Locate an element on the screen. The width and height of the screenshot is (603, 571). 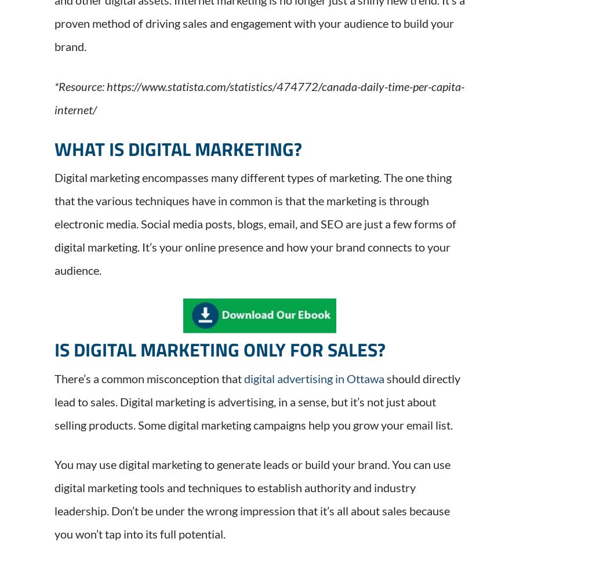
'2 MINUTES TO READ' is located at coordinates (234, 231).